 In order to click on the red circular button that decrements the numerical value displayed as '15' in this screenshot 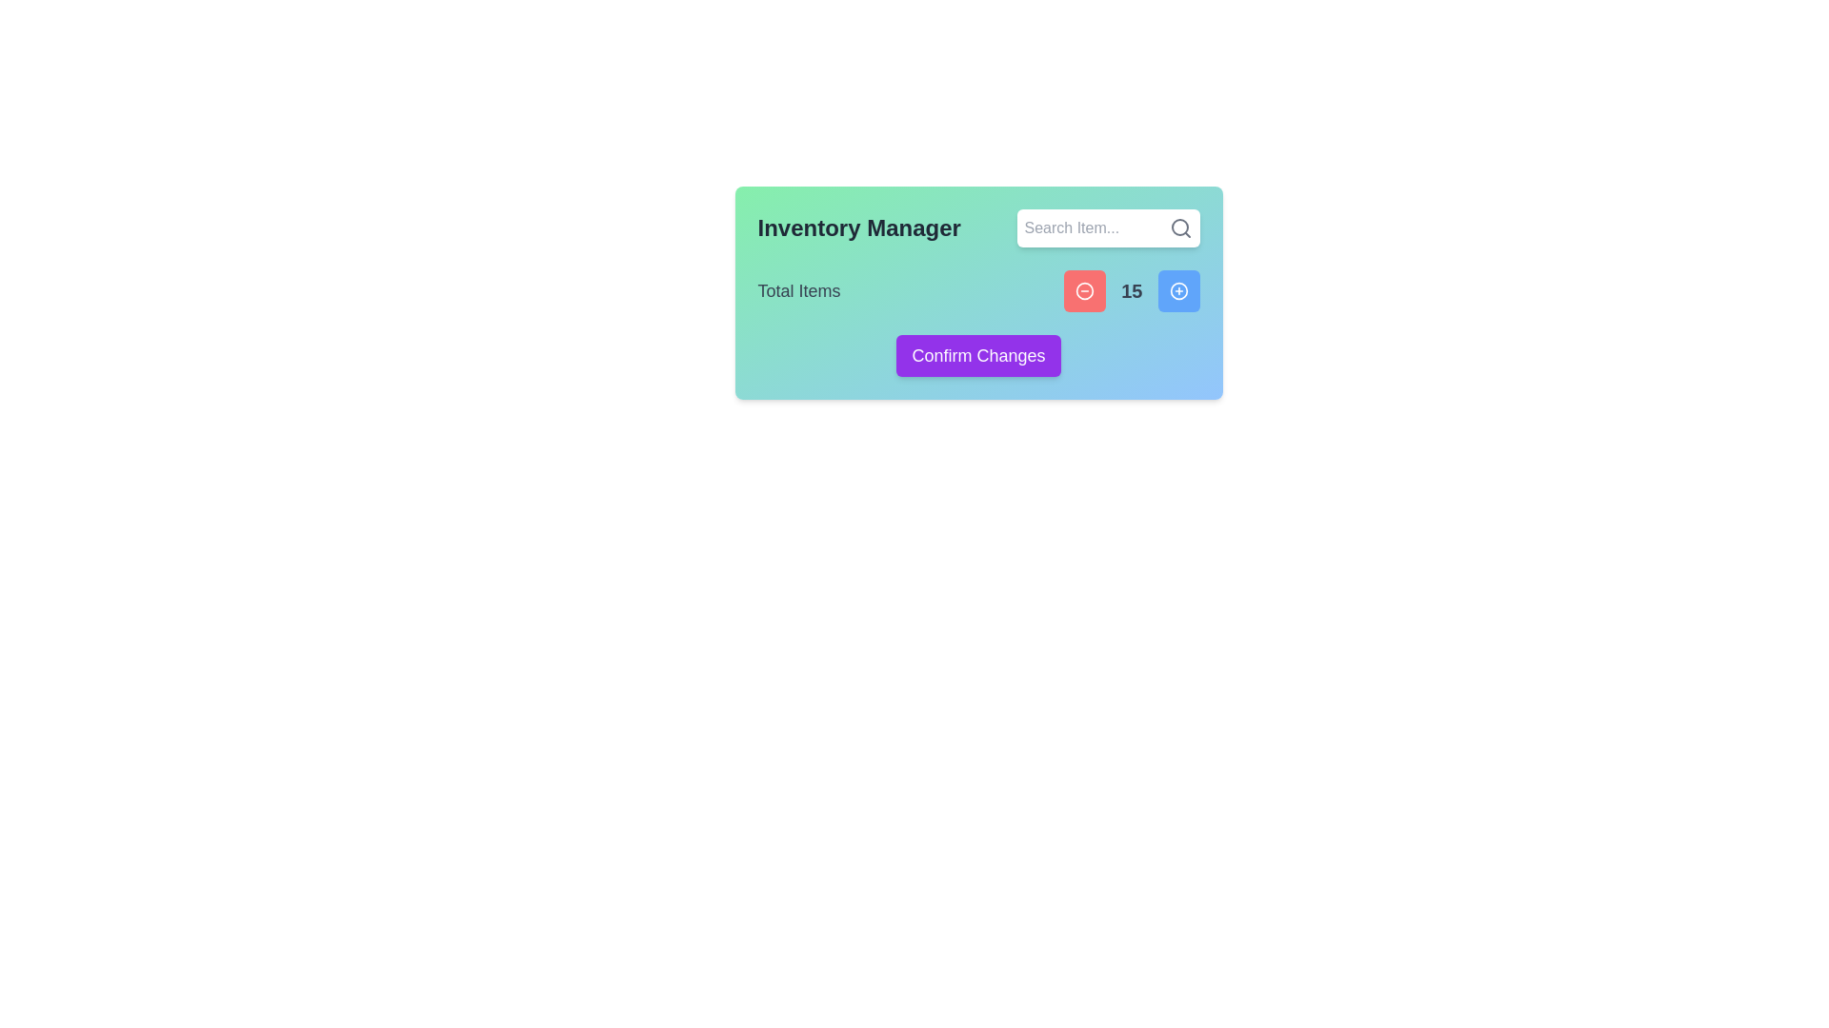, I will do `click(1085, 290)`.